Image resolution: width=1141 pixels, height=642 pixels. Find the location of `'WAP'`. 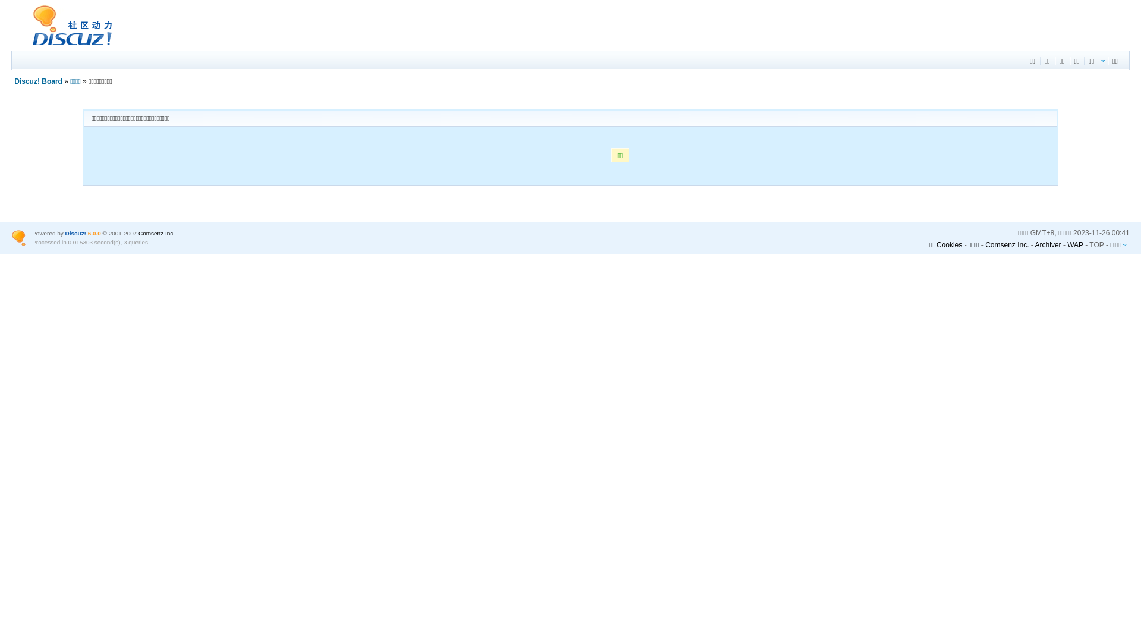

'WAP' is located at coordinates (1075, 244).